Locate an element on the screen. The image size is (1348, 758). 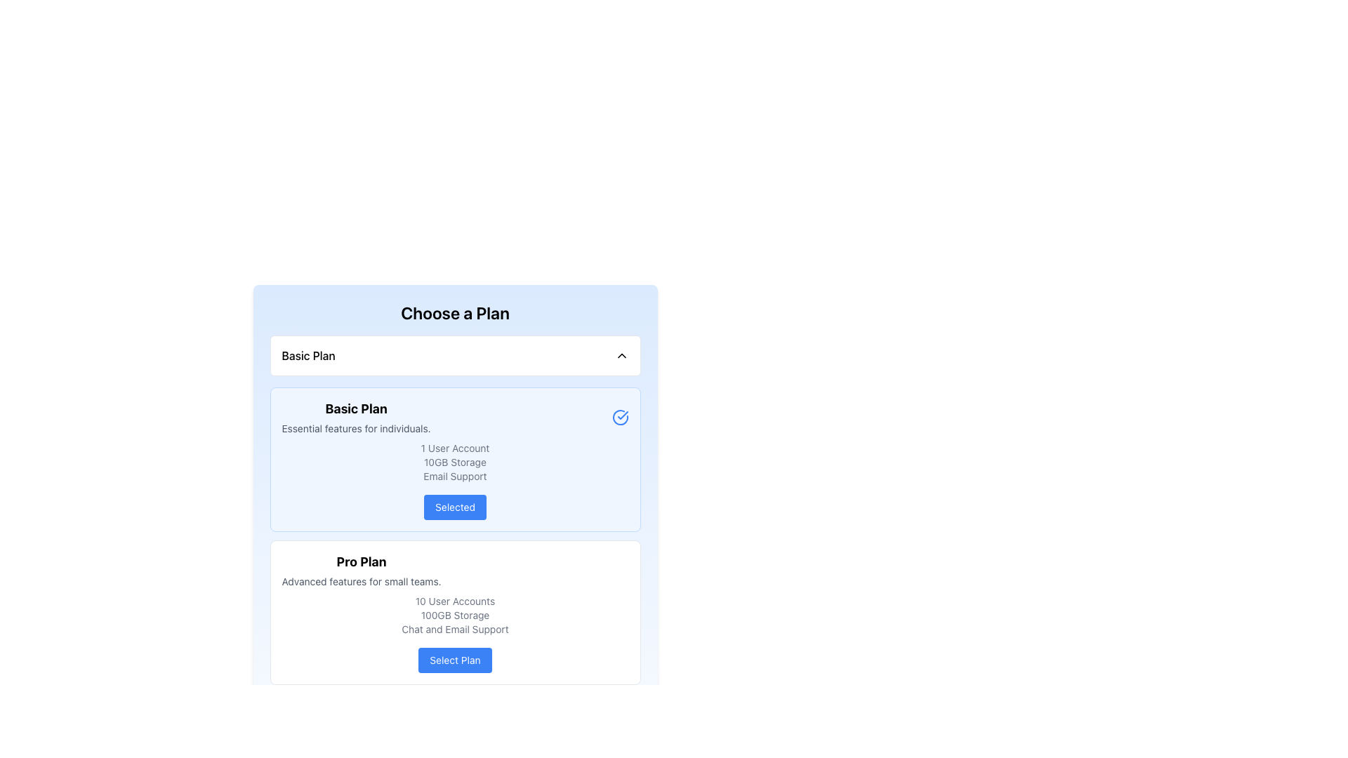
the descriptive subtitle text located directly beneath the 'Pro Plan' title, which clarifies the target audience and key emphasis of the plan is located at coordinates (362, 582).